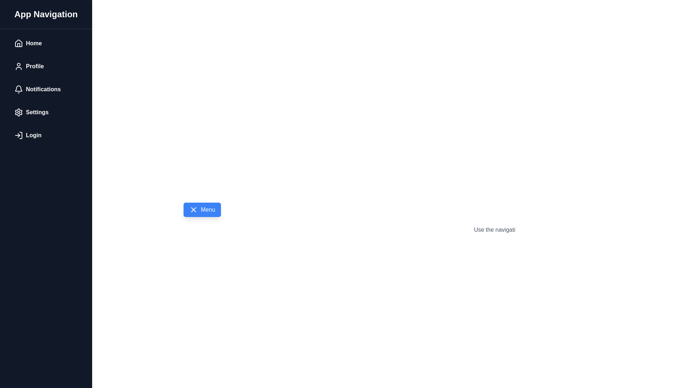  I want to click on the 'X' vector icon located on the left side of the blue 'Menu' button, which has rounded corners and a shadow effect, so click(193, 209).